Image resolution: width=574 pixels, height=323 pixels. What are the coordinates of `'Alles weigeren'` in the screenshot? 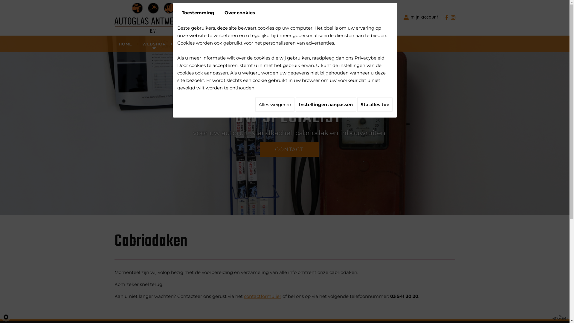 It's located at (274, 104).